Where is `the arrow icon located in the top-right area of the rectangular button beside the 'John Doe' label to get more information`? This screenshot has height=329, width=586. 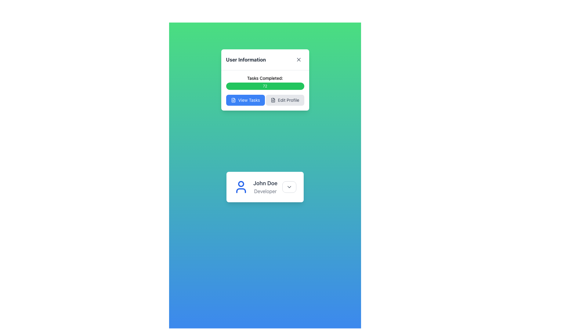 the arrow icon located in the top-right area of the rectangular button beside the 'John Doe' label to get more information is located at coordinates (289, 186).